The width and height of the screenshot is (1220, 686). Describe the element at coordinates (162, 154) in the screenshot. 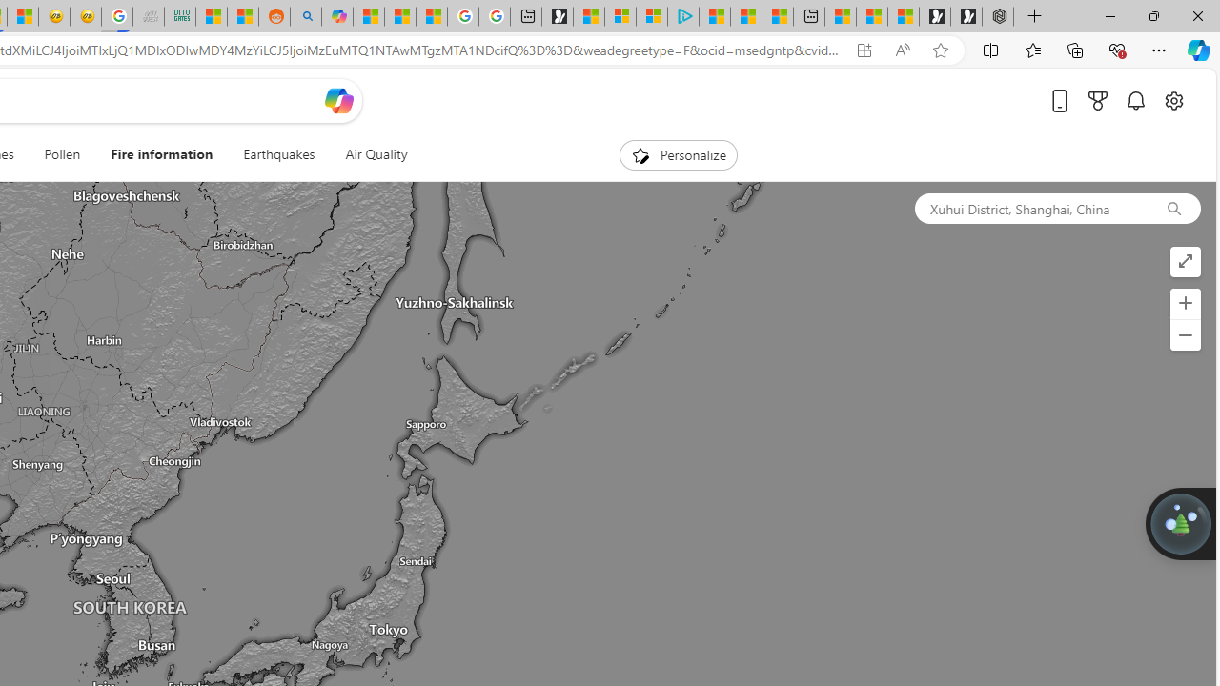

I see `'Fire information'` at that location.